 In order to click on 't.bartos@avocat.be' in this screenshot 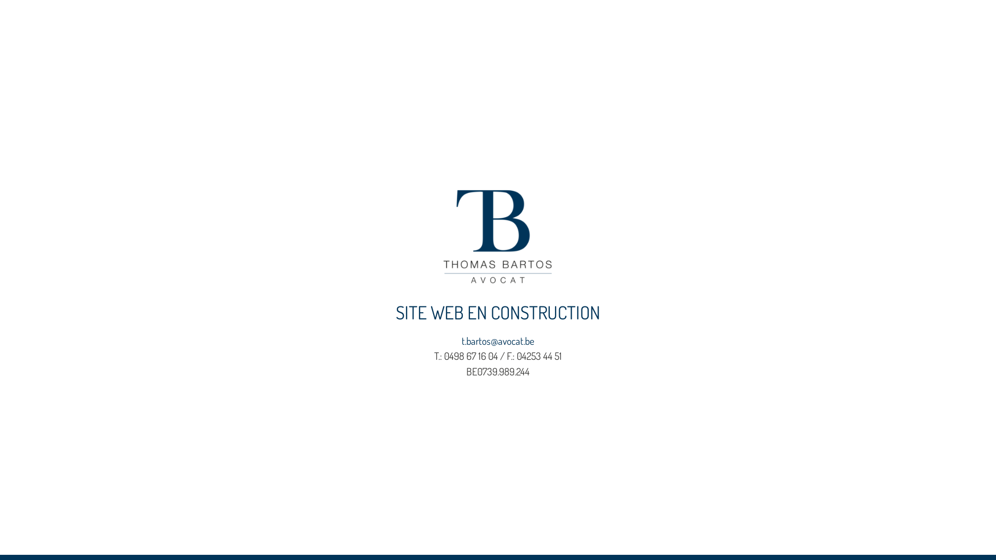, I will do `click(461, 341)`.